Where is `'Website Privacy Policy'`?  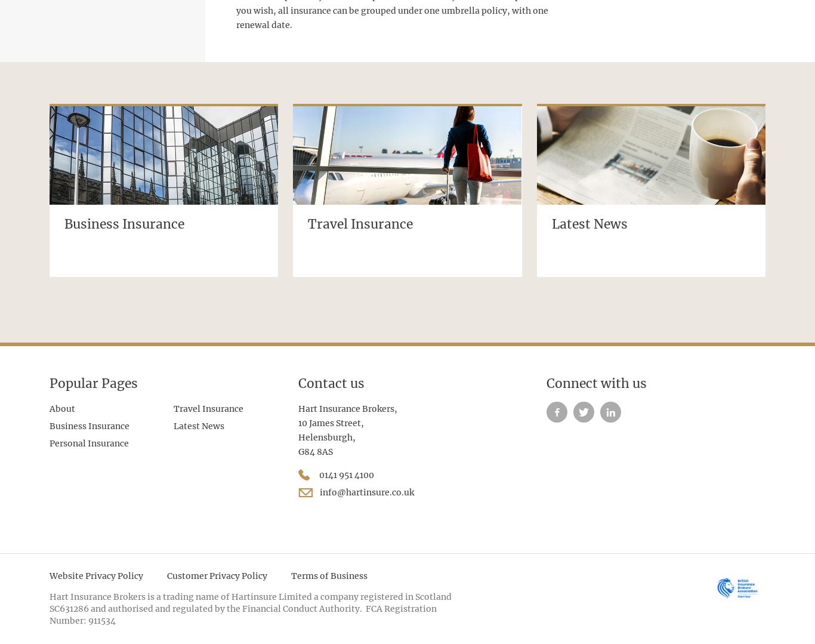
'Website Privacy Policy' is located at coordinates (95, 575).